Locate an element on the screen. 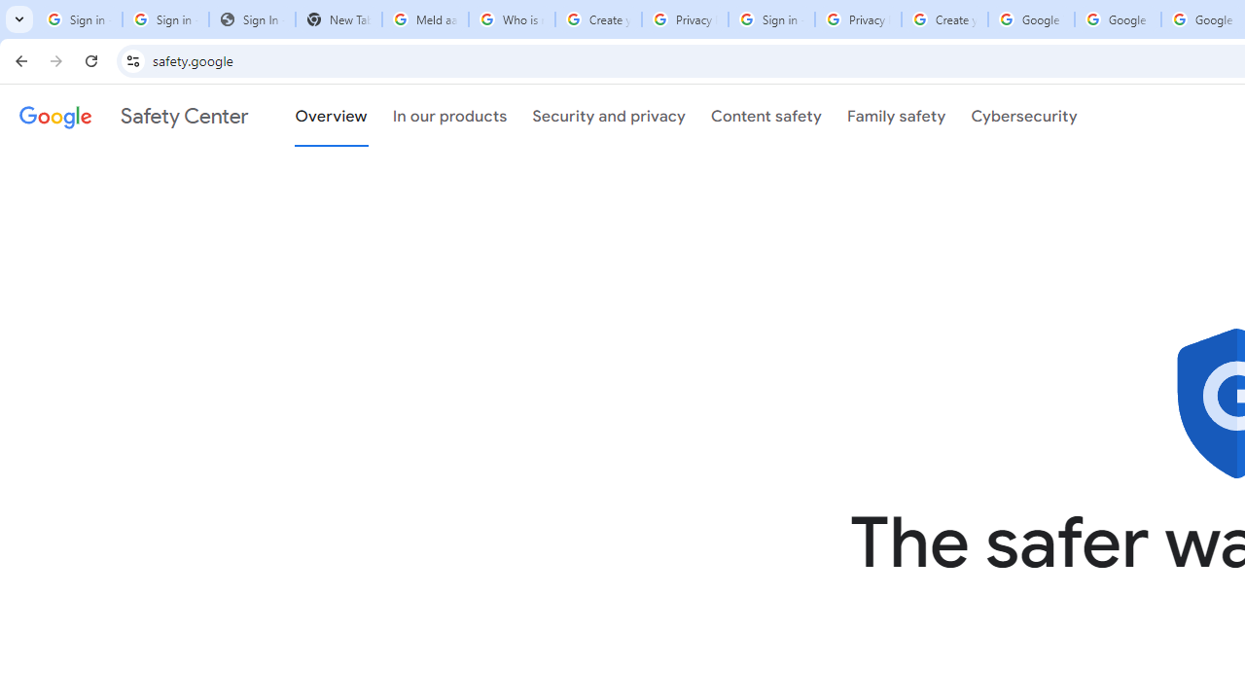  'Family safety' is located at coordinates (895, 116).